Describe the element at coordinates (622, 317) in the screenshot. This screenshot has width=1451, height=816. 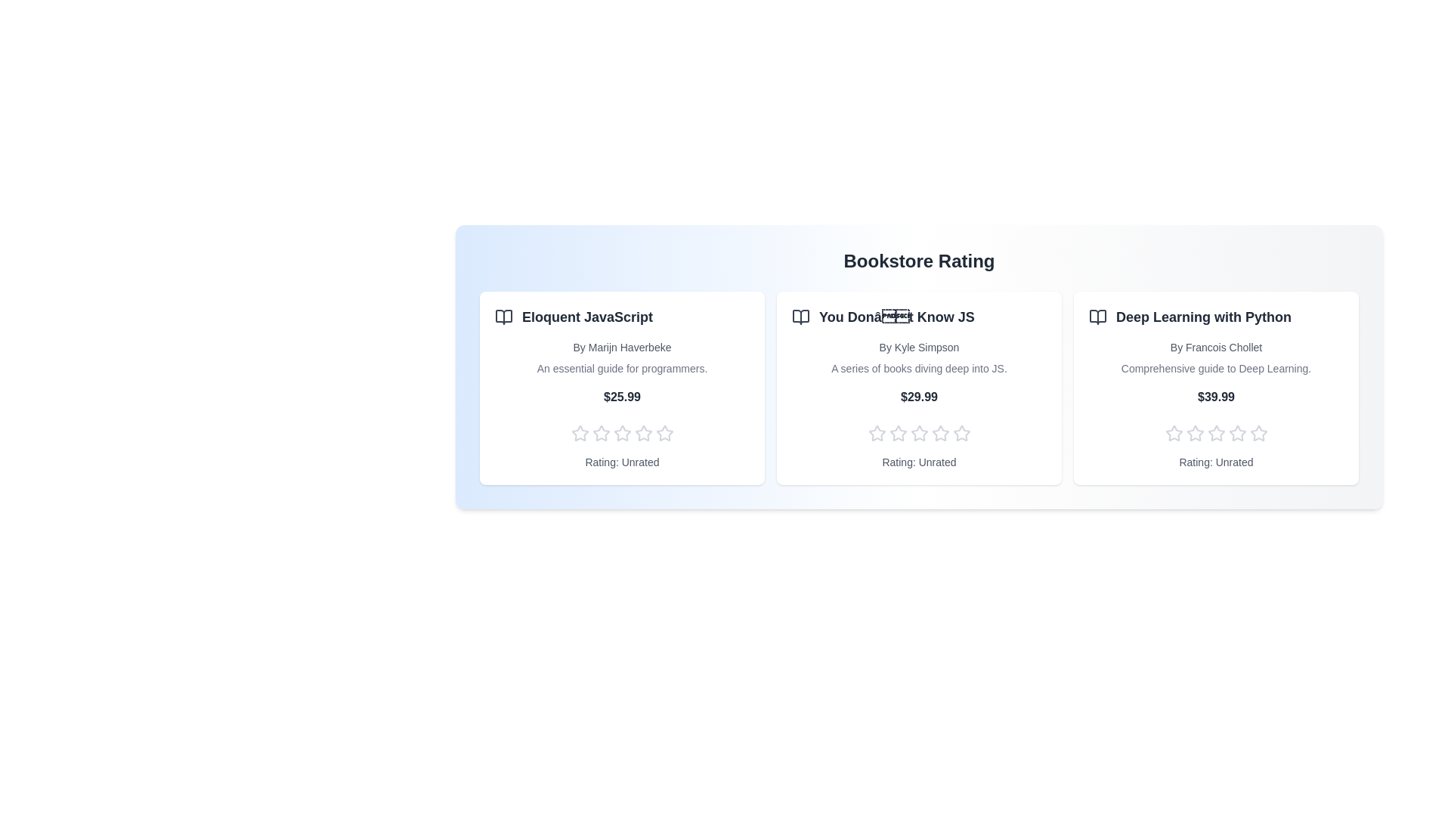
I see `the title text of the book 'Eloquent JavaScript' by clicking on its title area` at that location.